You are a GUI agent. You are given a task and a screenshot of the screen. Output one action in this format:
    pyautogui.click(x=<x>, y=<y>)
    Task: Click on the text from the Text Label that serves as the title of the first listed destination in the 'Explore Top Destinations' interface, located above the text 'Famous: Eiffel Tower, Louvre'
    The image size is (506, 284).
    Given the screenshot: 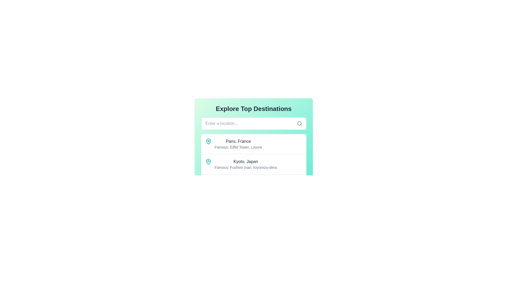 What is the action you would take?
    pyautogui.click(x=238, y=141)
    